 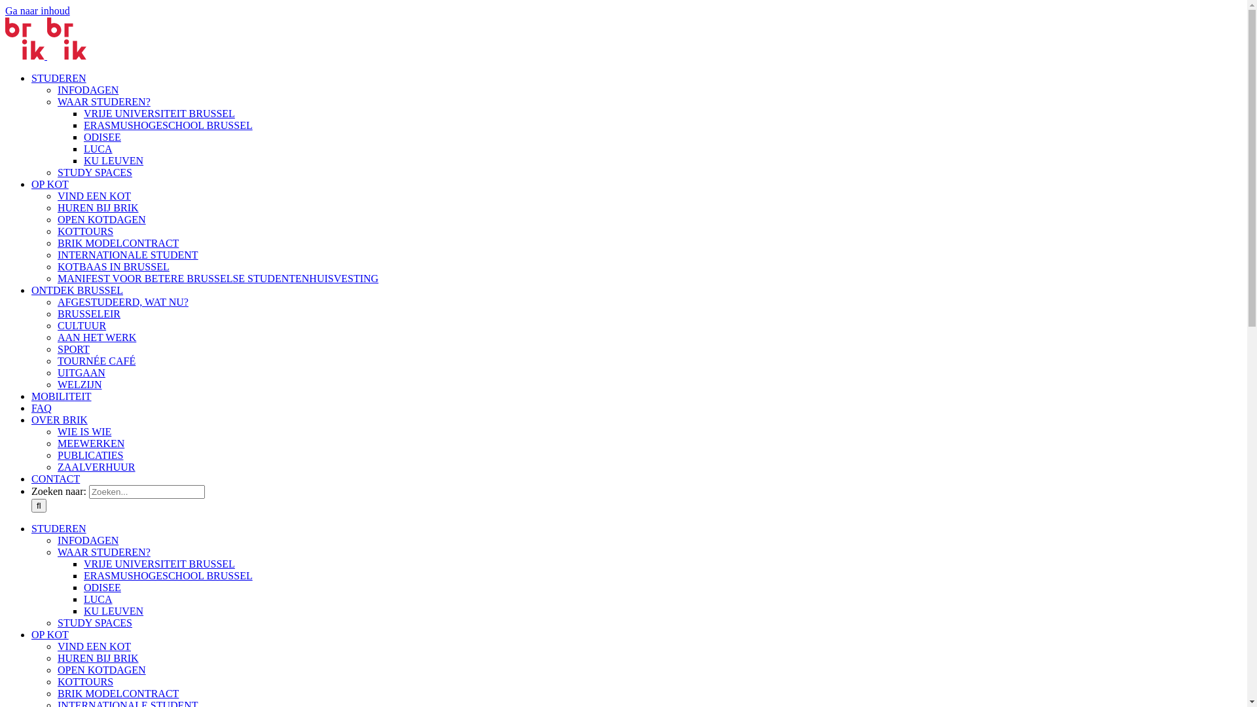 What do you see at coordinates (118, 243) in the screenshot?
I see `'BRIK MODELCONTRACT'` at bounding box center [118, 243].